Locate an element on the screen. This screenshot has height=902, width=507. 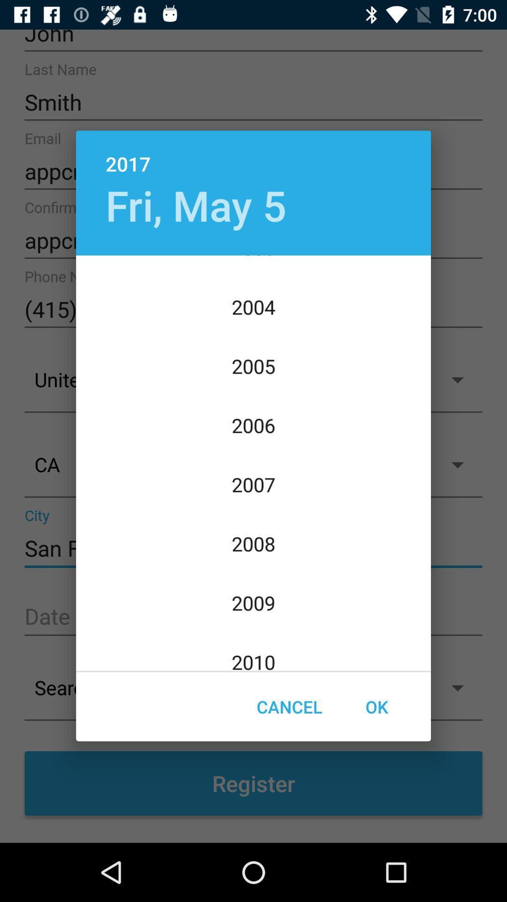
the fri, may 5 item is located at coordinates (195, 204).